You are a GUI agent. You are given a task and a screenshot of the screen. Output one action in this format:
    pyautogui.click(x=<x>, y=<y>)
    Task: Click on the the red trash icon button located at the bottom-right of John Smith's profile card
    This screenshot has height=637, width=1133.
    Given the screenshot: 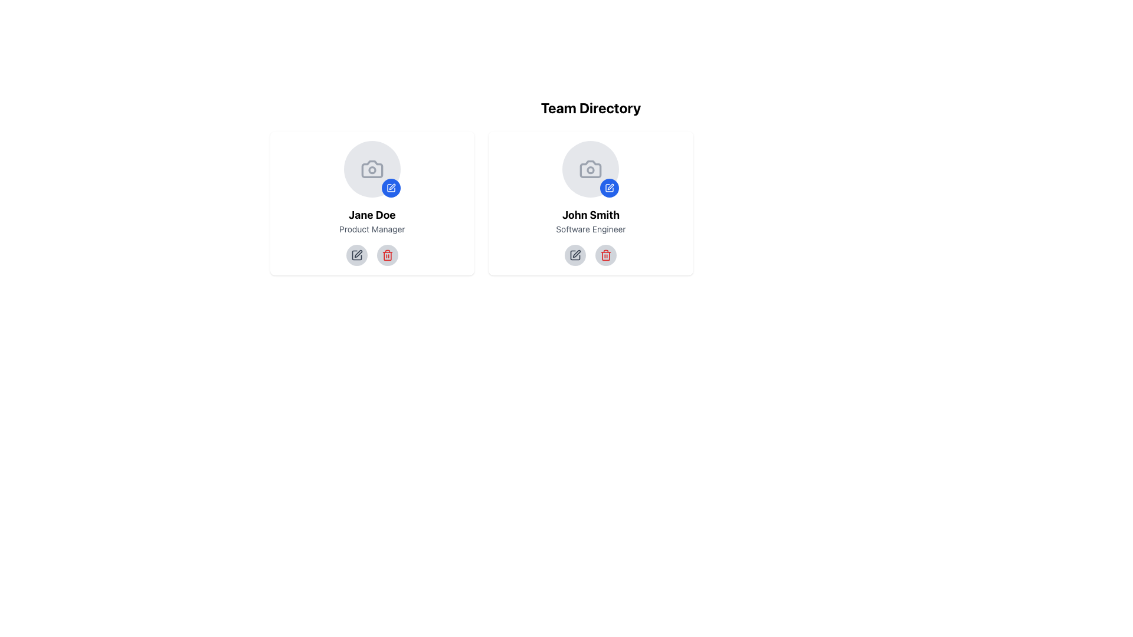 What is the action you would take?
    pyautogui.click(x=606, y=254)
    